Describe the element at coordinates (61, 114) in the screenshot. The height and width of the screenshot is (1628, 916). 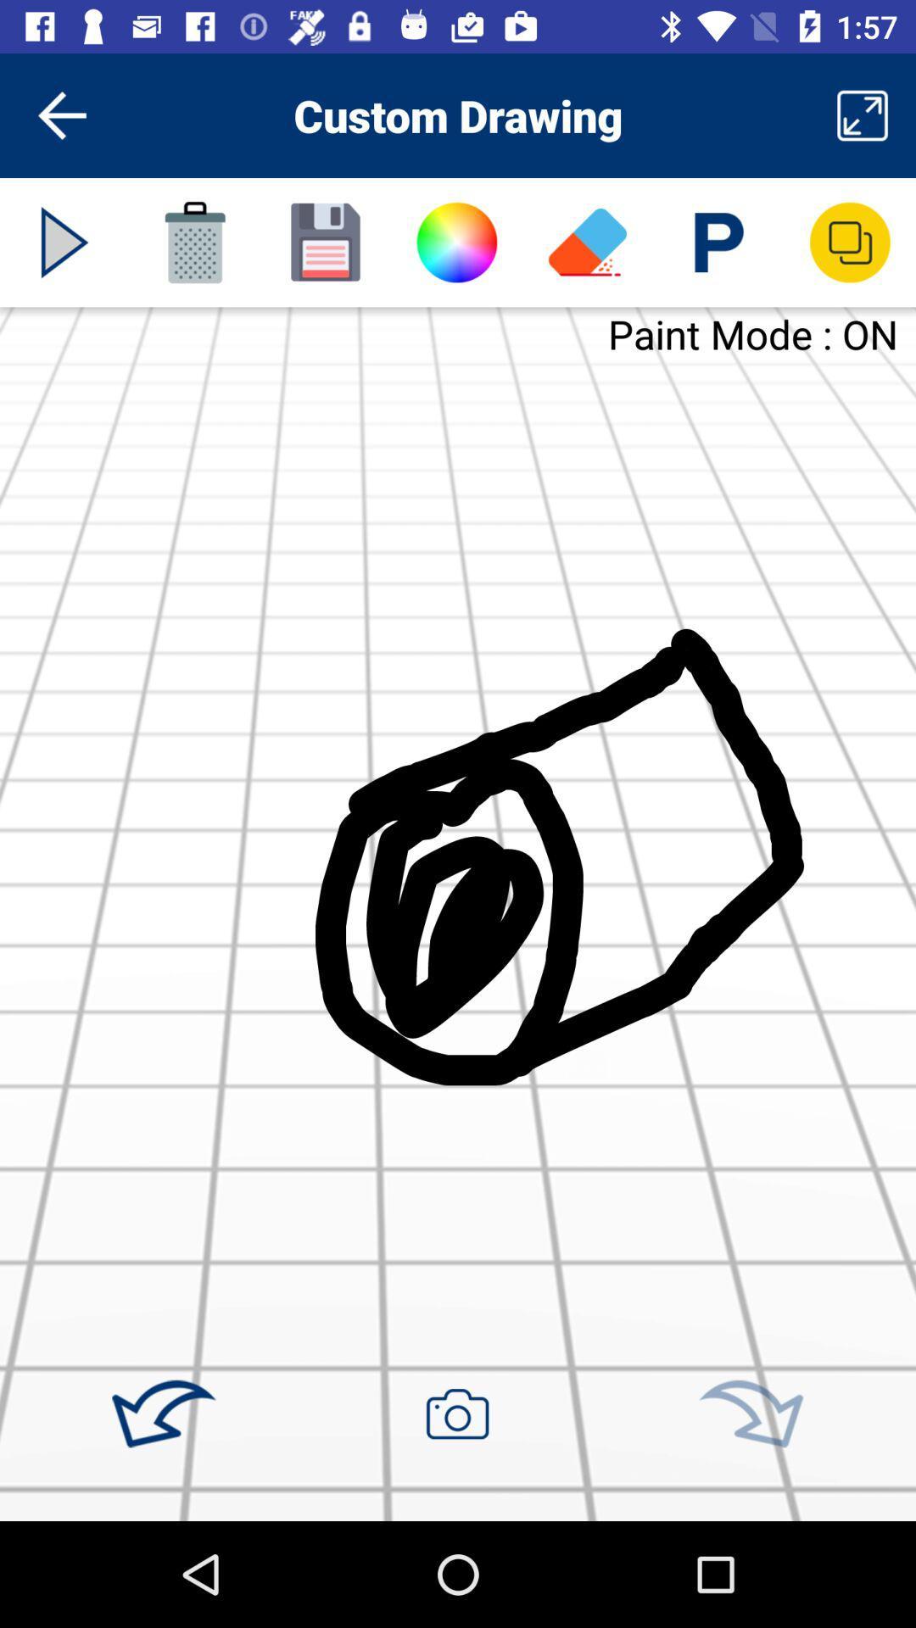
I see `item to the left of custom drawing icon` at that location.